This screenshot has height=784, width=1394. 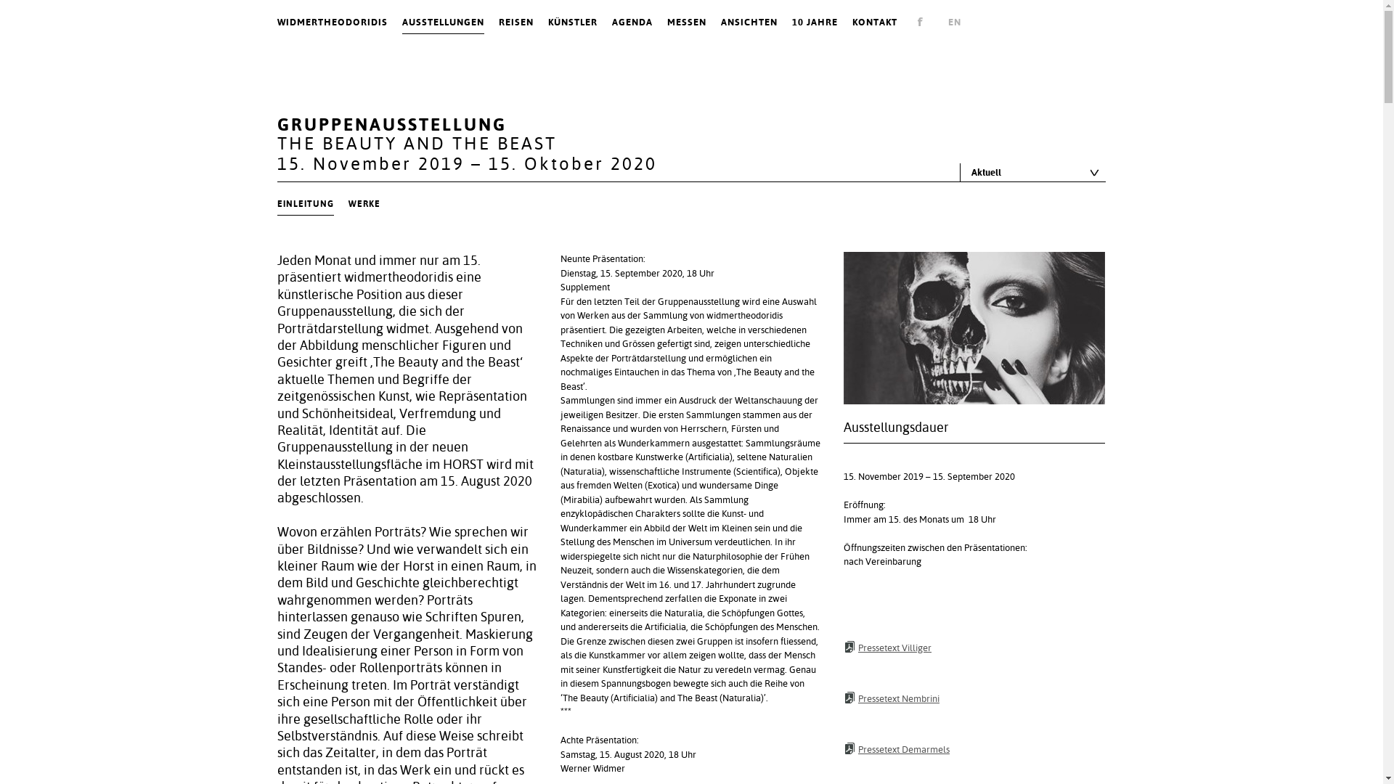 What do you see at coordinates (498, 23) in the screenshot?
I see `'REISEN'` at bounding box center [498, 23].